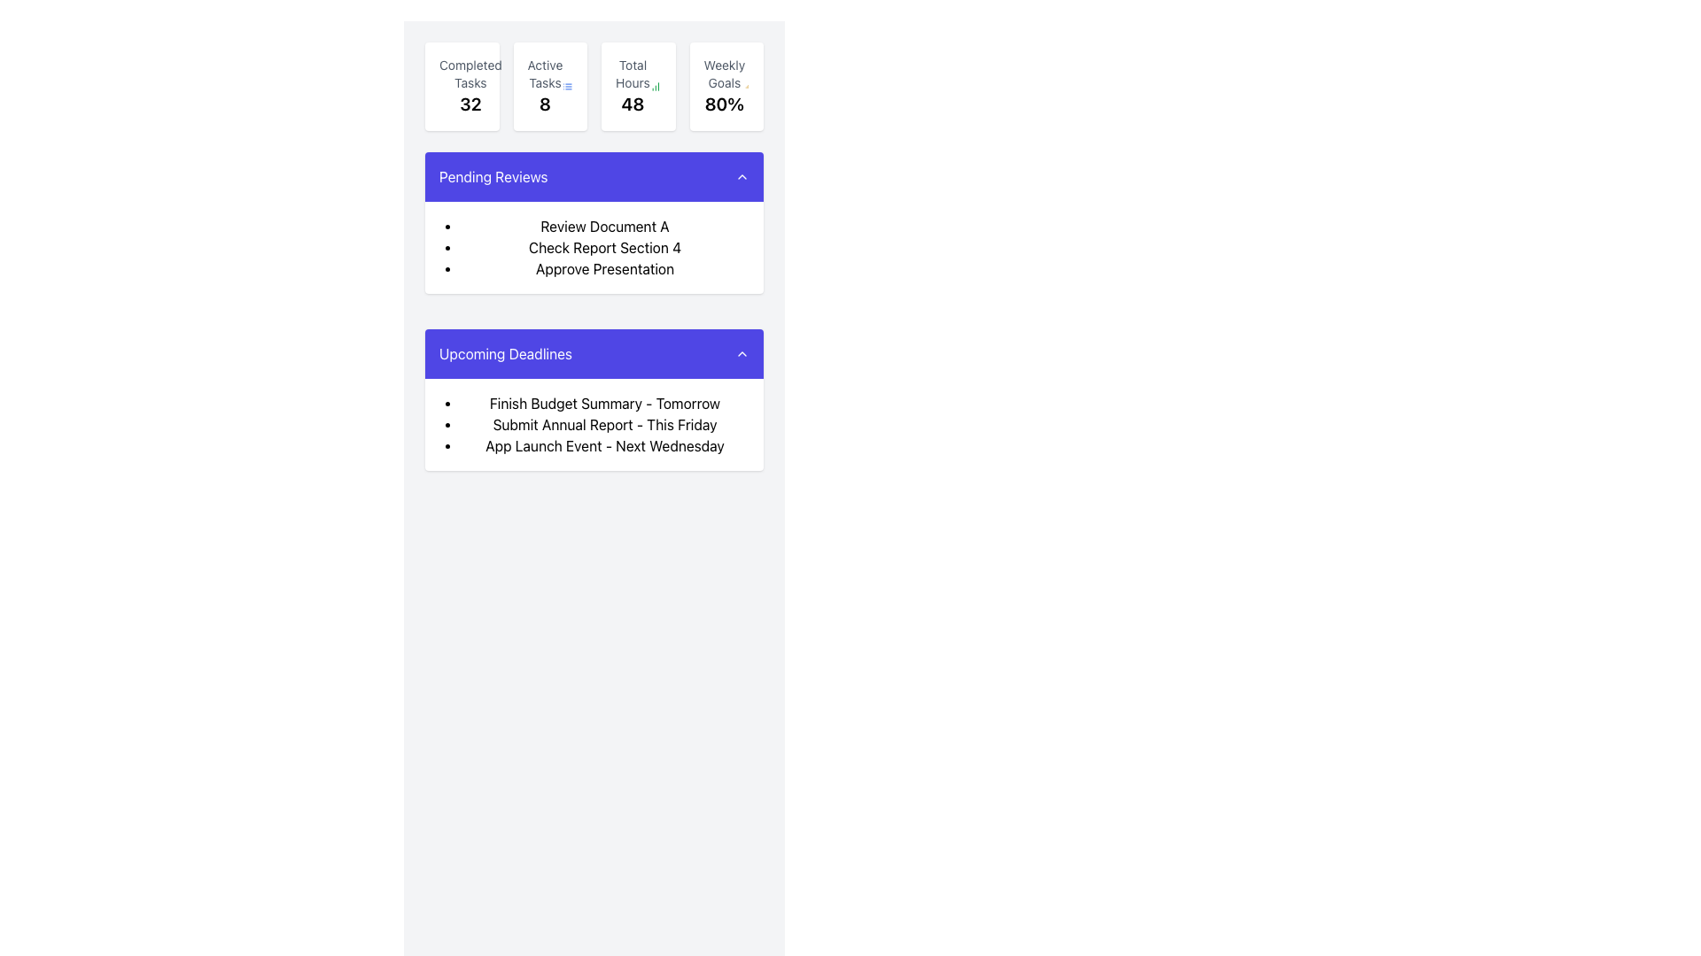 The image size is (1701, 956). What do you see at coordinates (470, 73) in the screenshot?
I see `the 'Completed Tasks' label located at the top-left of the statistics section, which describes the number of completed tasks` at bounding box center [470, 73].